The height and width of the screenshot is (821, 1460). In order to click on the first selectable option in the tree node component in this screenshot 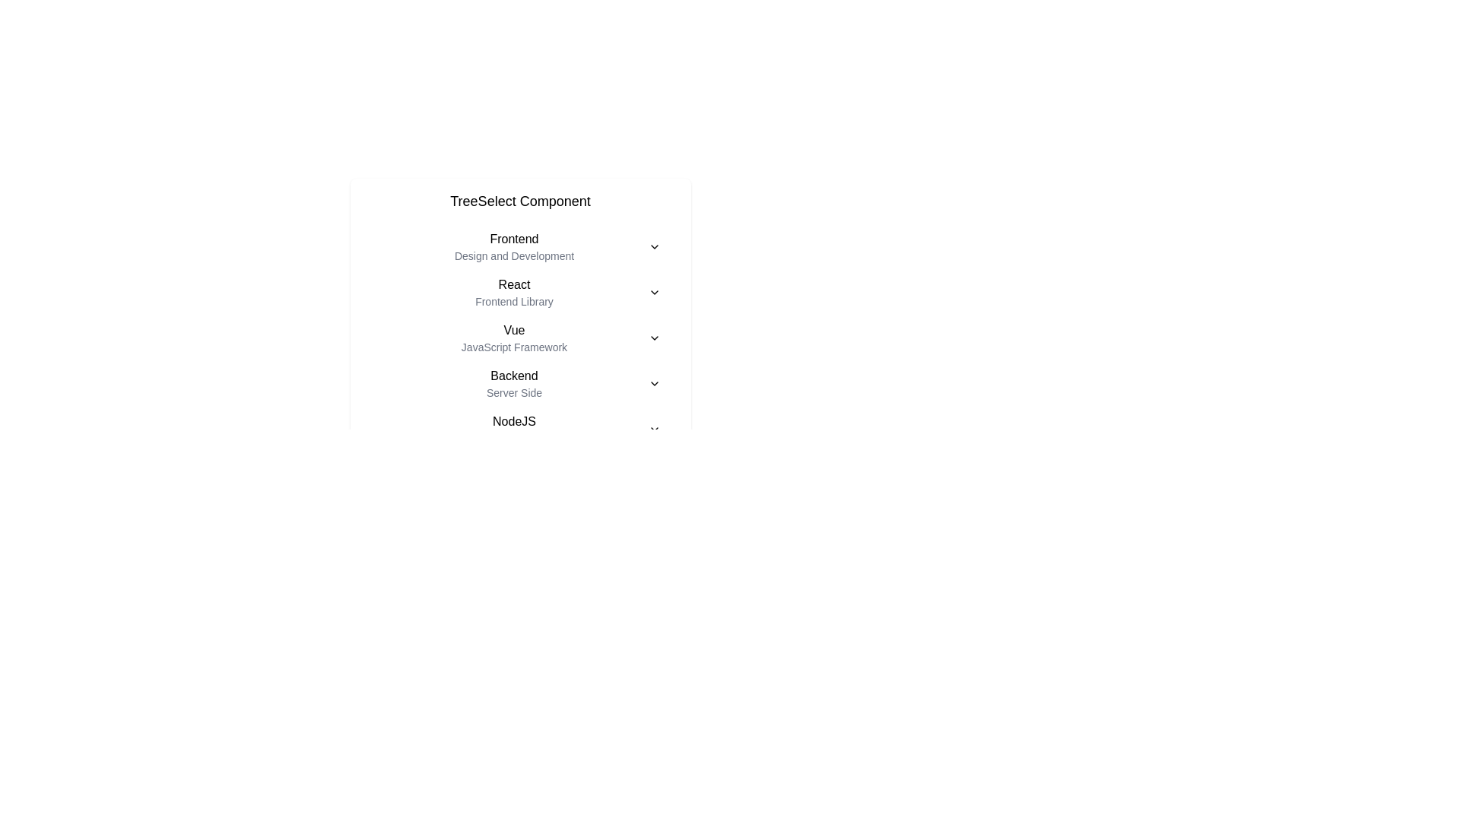, I will do `click(520, 246)`.